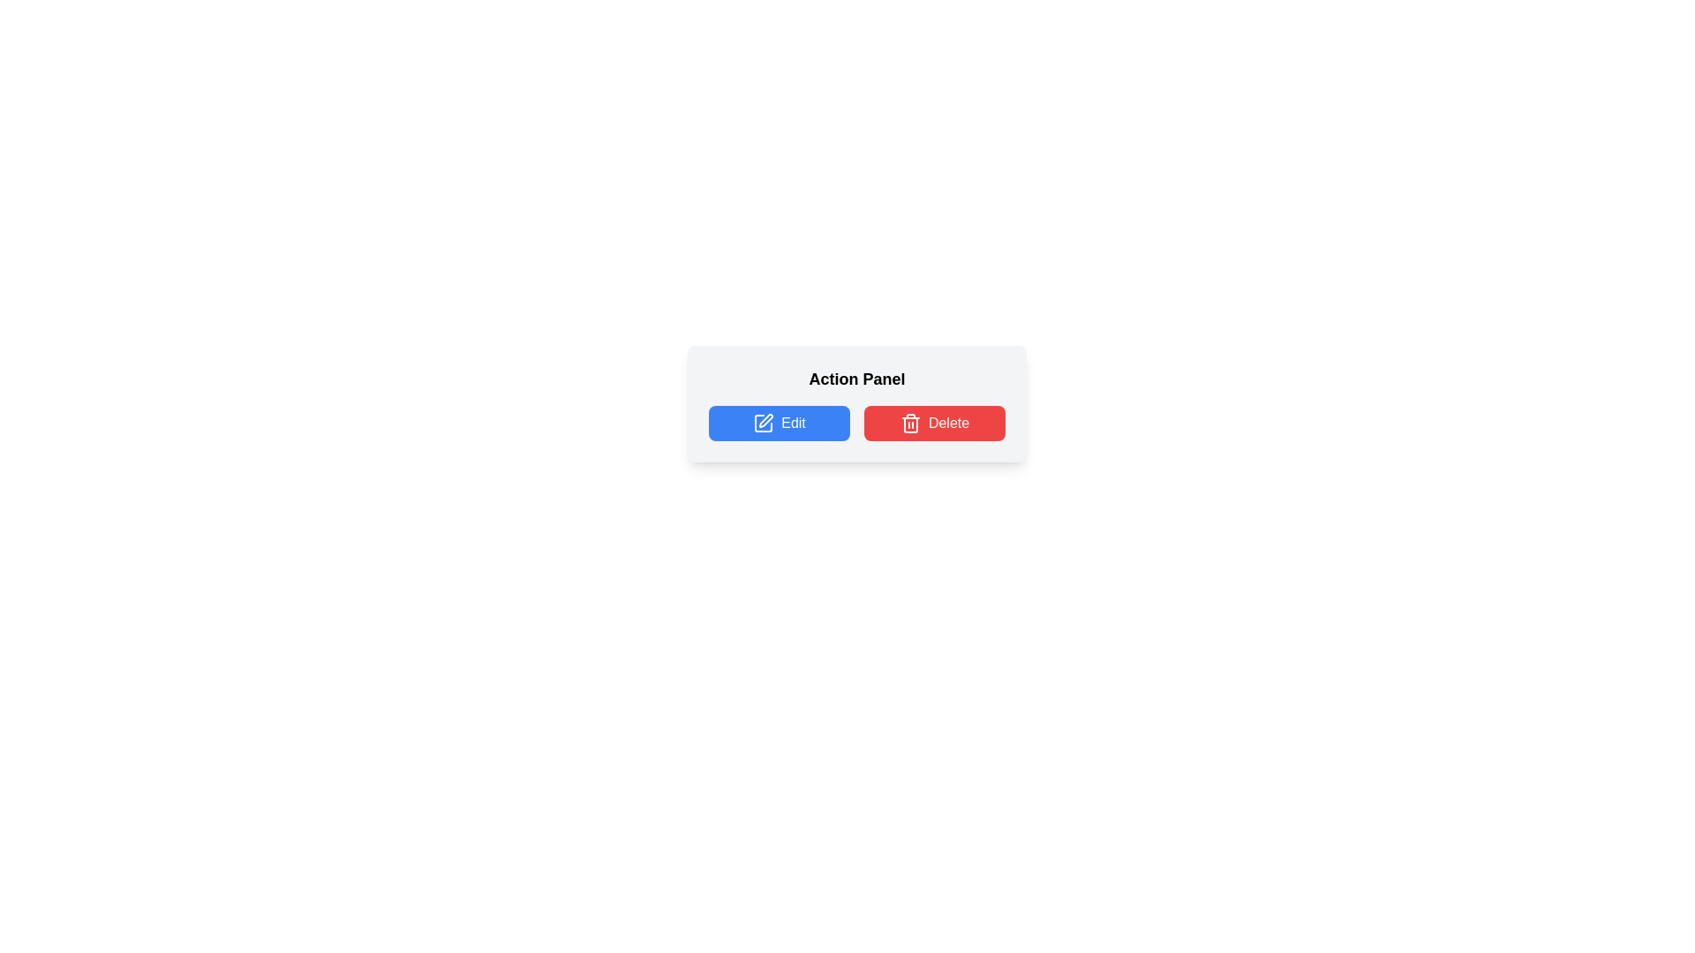 The width and height of the screenshot is (1695, 953). What do you see at coordinates (792, 423) in the screenshot?
I see `the 'Edit' text label, which is styled in white font on a blue rectangular button, located below the 'Action Panel' text and next to the red 'Delete' button` at bounding box center [792, 423].